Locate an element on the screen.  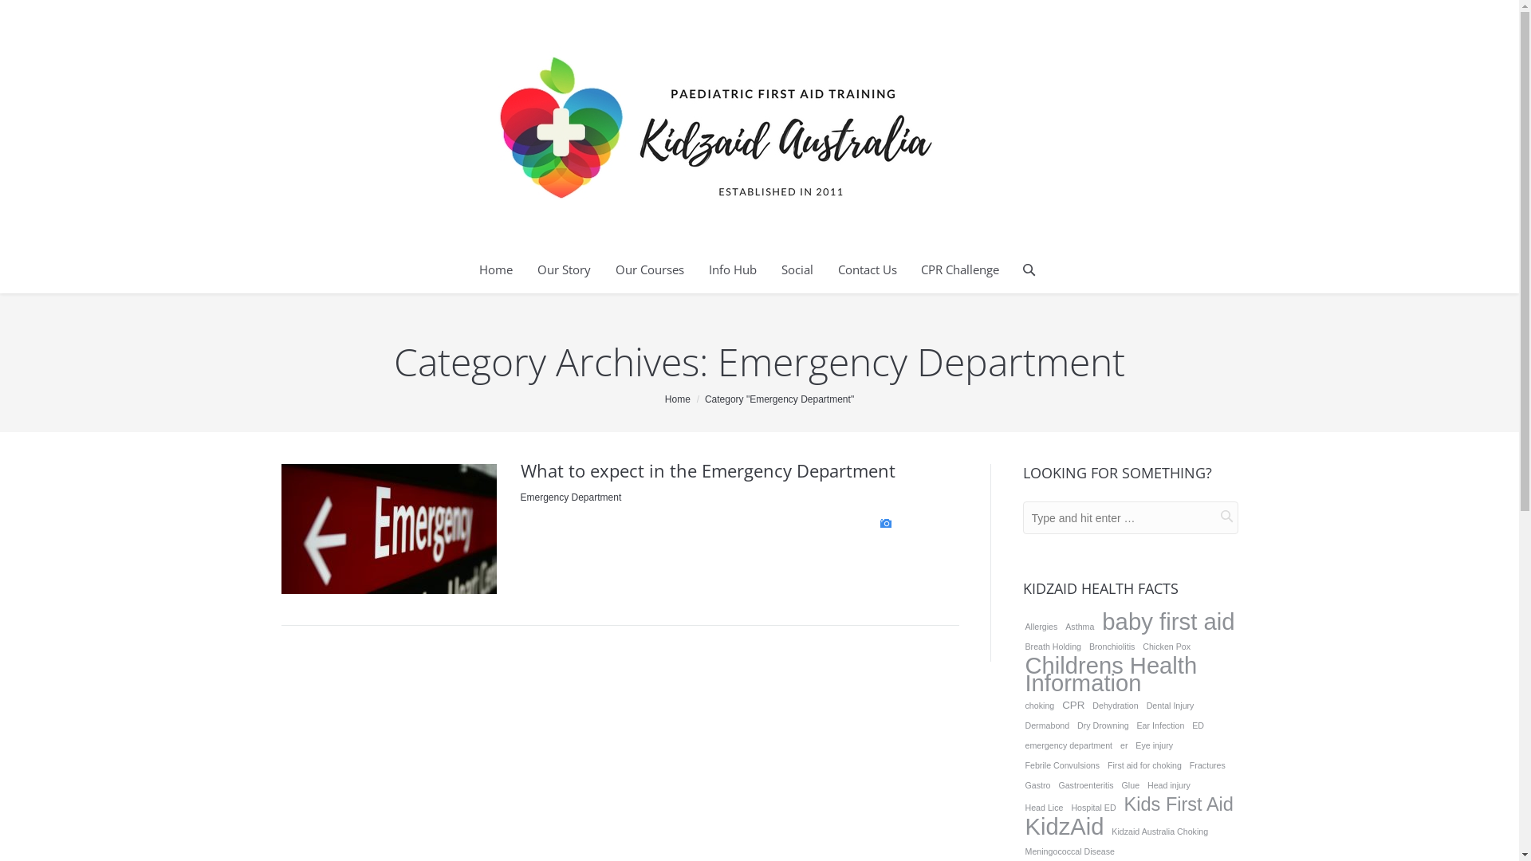
'Dermabond' is located at coordinates (1021, 725).